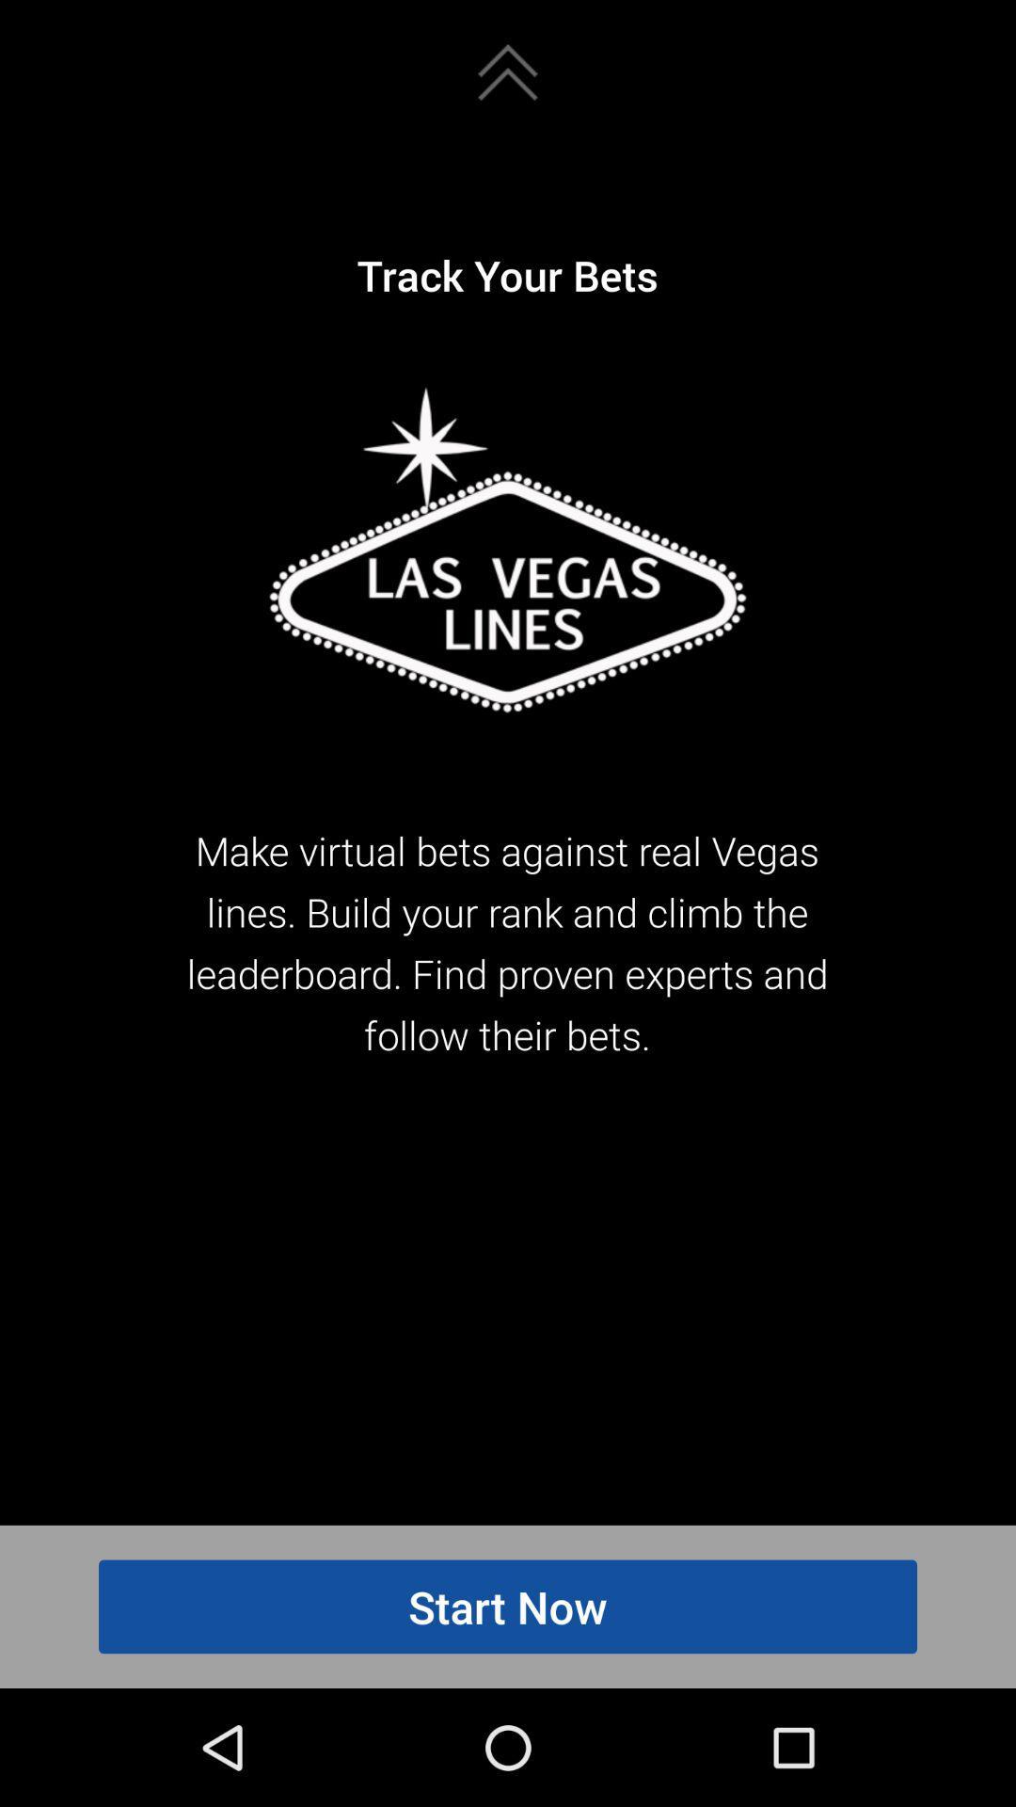 This screenshot has height=1807, width=1016. Describe the element at coordinates (508, 1606) in the screenshot. I see `the start now item` at that location.